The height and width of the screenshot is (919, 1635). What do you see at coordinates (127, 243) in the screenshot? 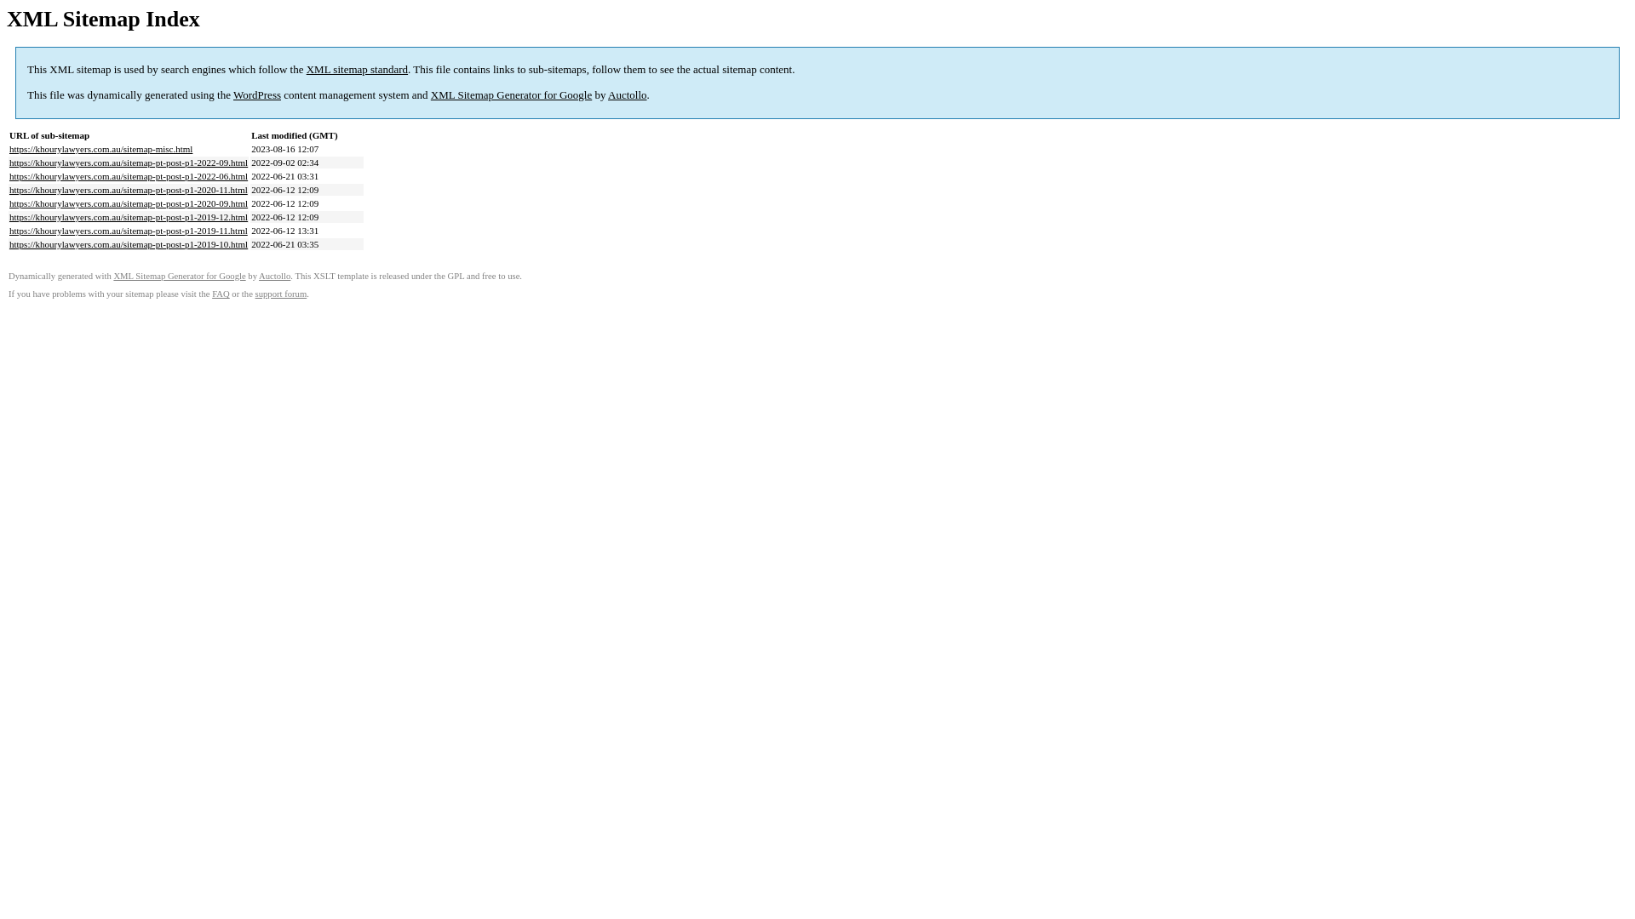
I see `'https://khourylawyers.com.au/sitemap-pt-post-p1-2019-10.html'` at bounding box center [127, 243].